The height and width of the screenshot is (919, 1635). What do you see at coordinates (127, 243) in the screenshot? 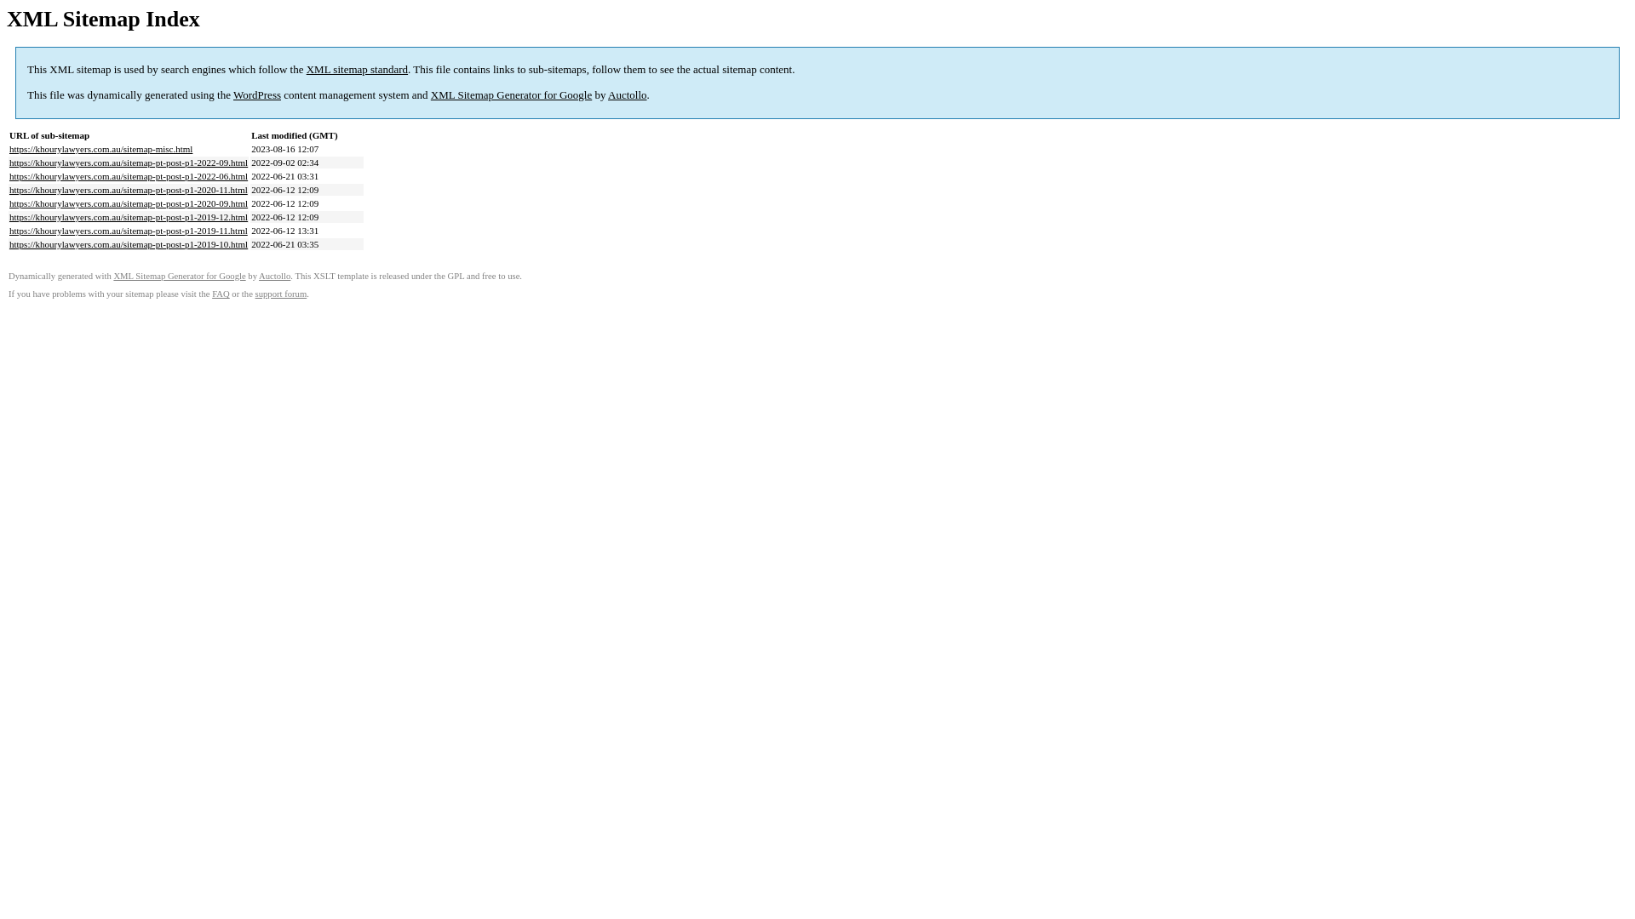
I see `'https://khourylawyers.com.au/sitemap-pt-post-p1-2019-10.html'` at bounding box center [127, 243].